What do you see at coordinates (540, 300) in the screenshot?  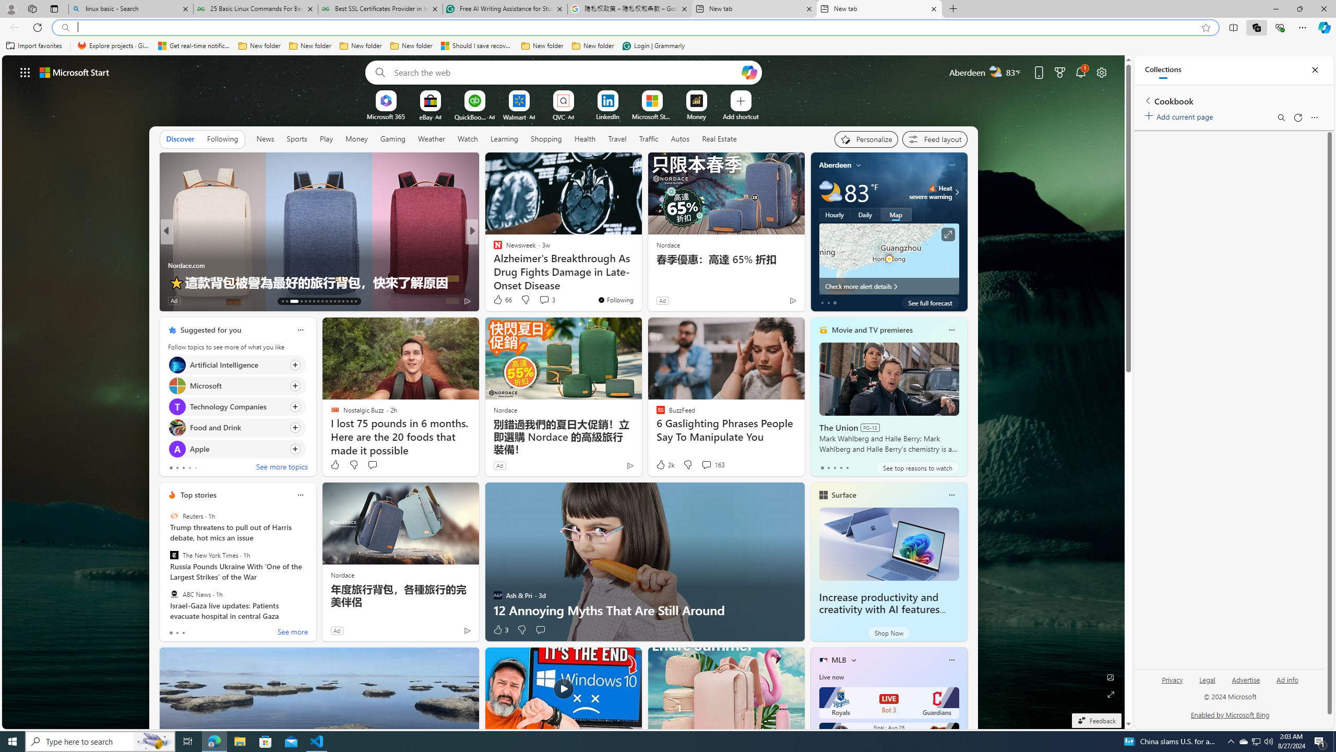 I see `'View comments 2 Comment'` at bounding box center [540, 300].